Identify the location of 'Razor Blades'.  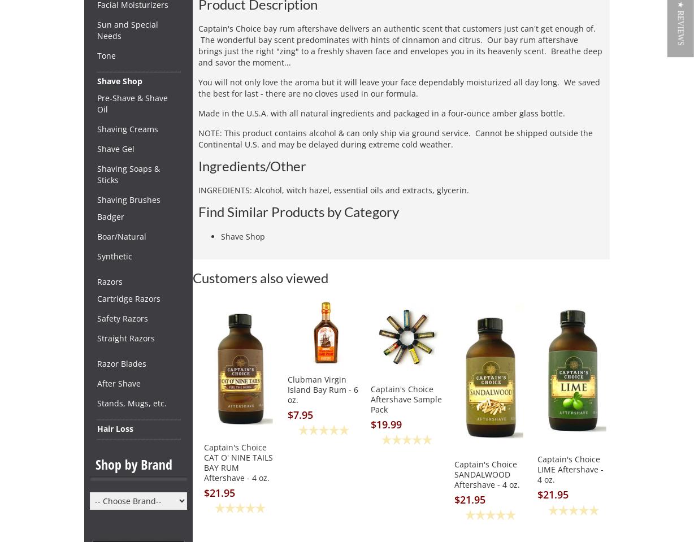
(97, 363).